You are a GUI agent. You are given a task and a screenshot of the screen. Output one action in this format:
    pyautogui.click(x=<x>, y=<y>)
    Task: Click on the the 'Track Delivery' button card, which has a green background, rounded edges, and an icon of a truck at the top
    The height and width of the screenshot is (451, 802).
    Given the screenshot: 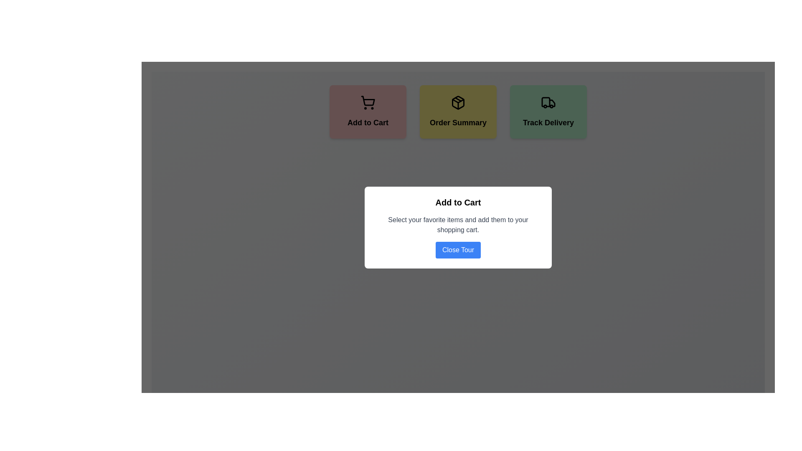 What is the action you would take?
    pyautogui.click(x=548, y=111)
    